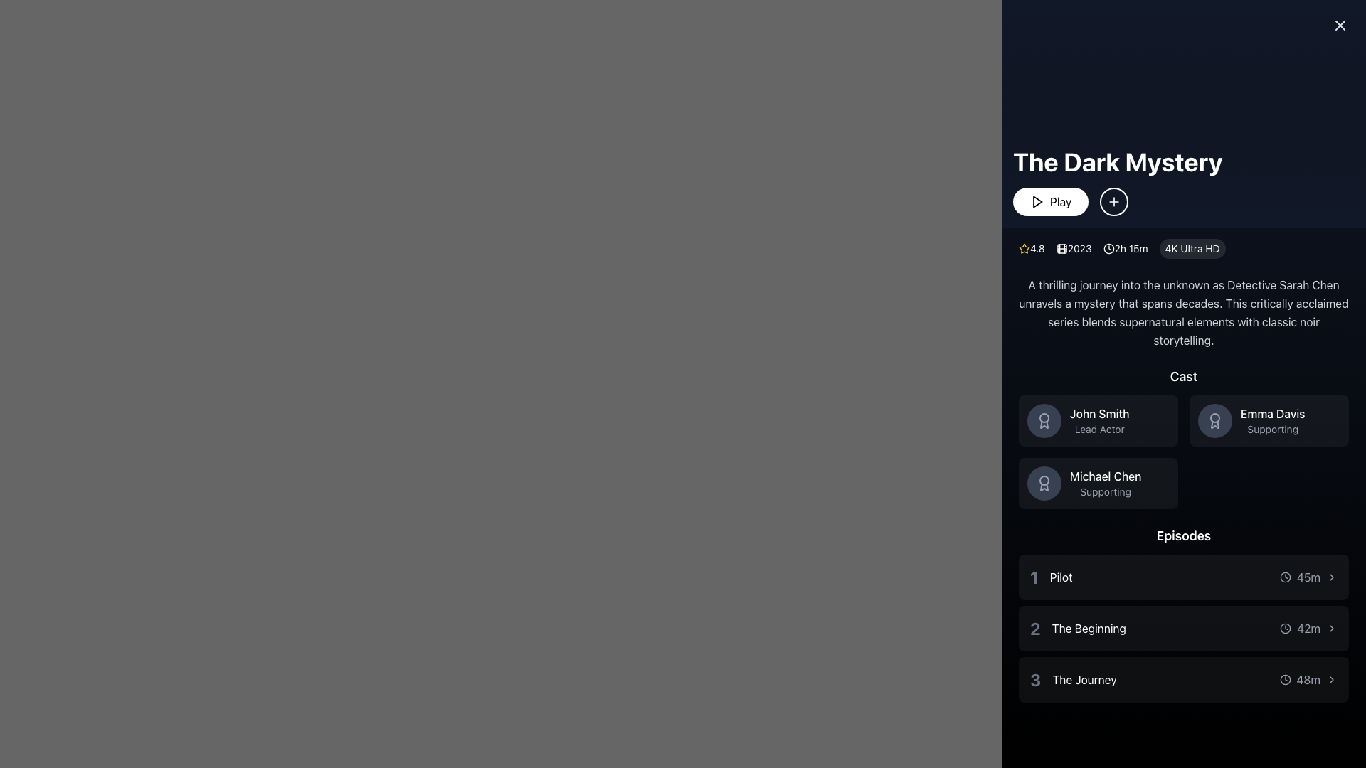 This screenshot has height=768, width=1366. Describe the element at coordinates (1184, 627) in the screenshot. I see `the second episode button in the series listing` at that location.